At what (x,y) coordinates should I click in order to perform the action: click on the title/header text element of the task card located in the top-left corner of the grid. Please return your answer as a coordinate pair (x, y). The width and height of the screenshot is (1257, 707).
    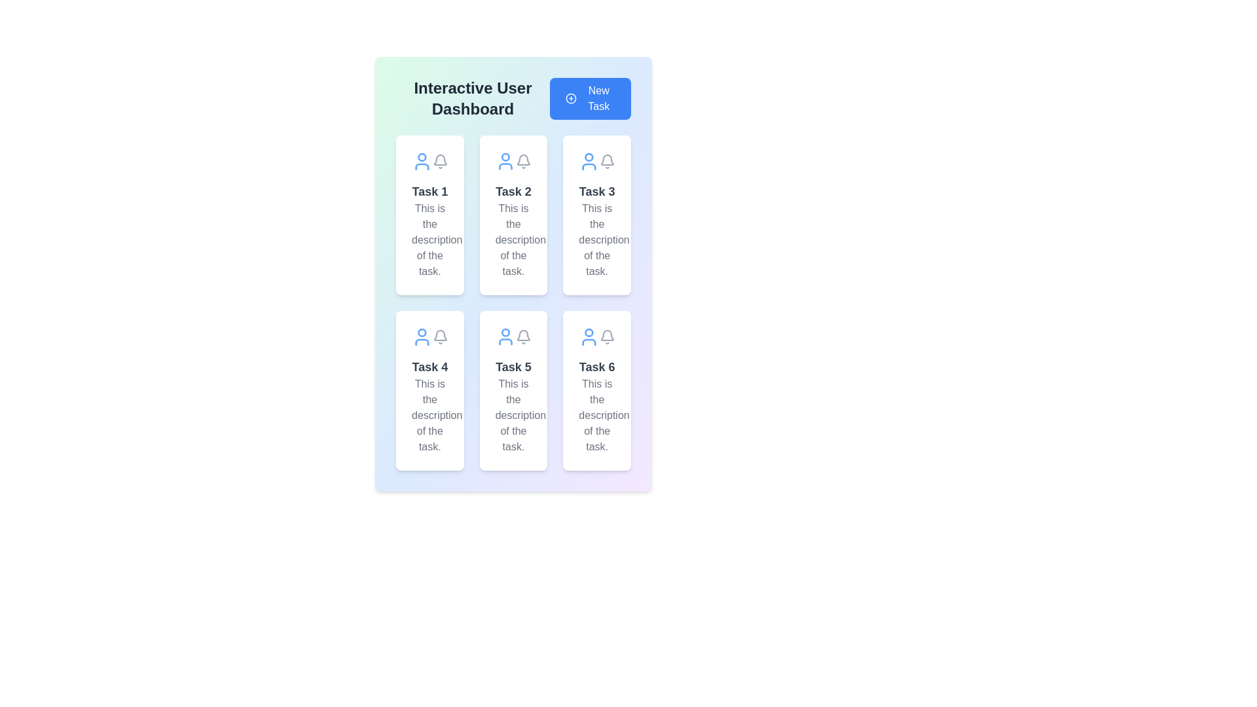
    Looking at the image, I should click on (429, 192).